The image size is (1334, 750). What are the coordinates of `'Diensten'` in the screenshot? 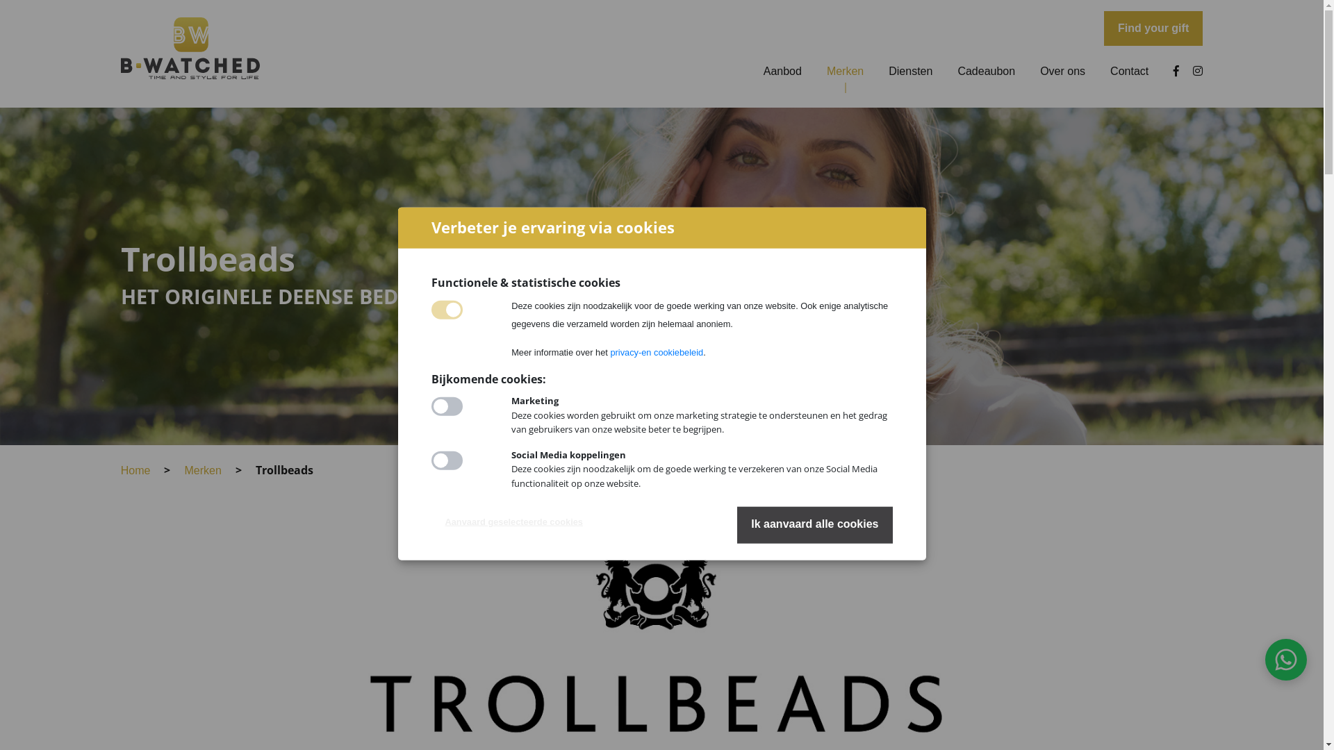 It's located at (910, 71).